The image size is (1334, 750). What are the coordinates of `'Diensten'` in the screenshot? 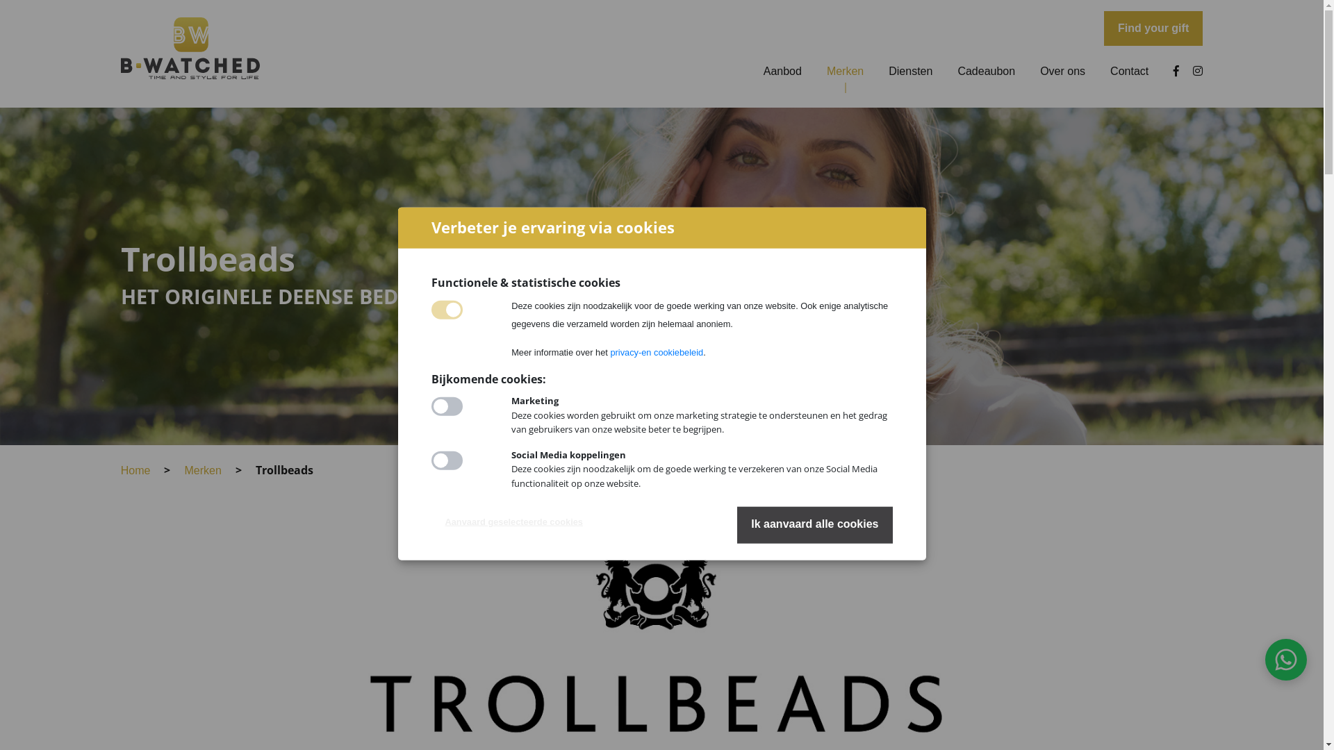 It's located at (910, 71).